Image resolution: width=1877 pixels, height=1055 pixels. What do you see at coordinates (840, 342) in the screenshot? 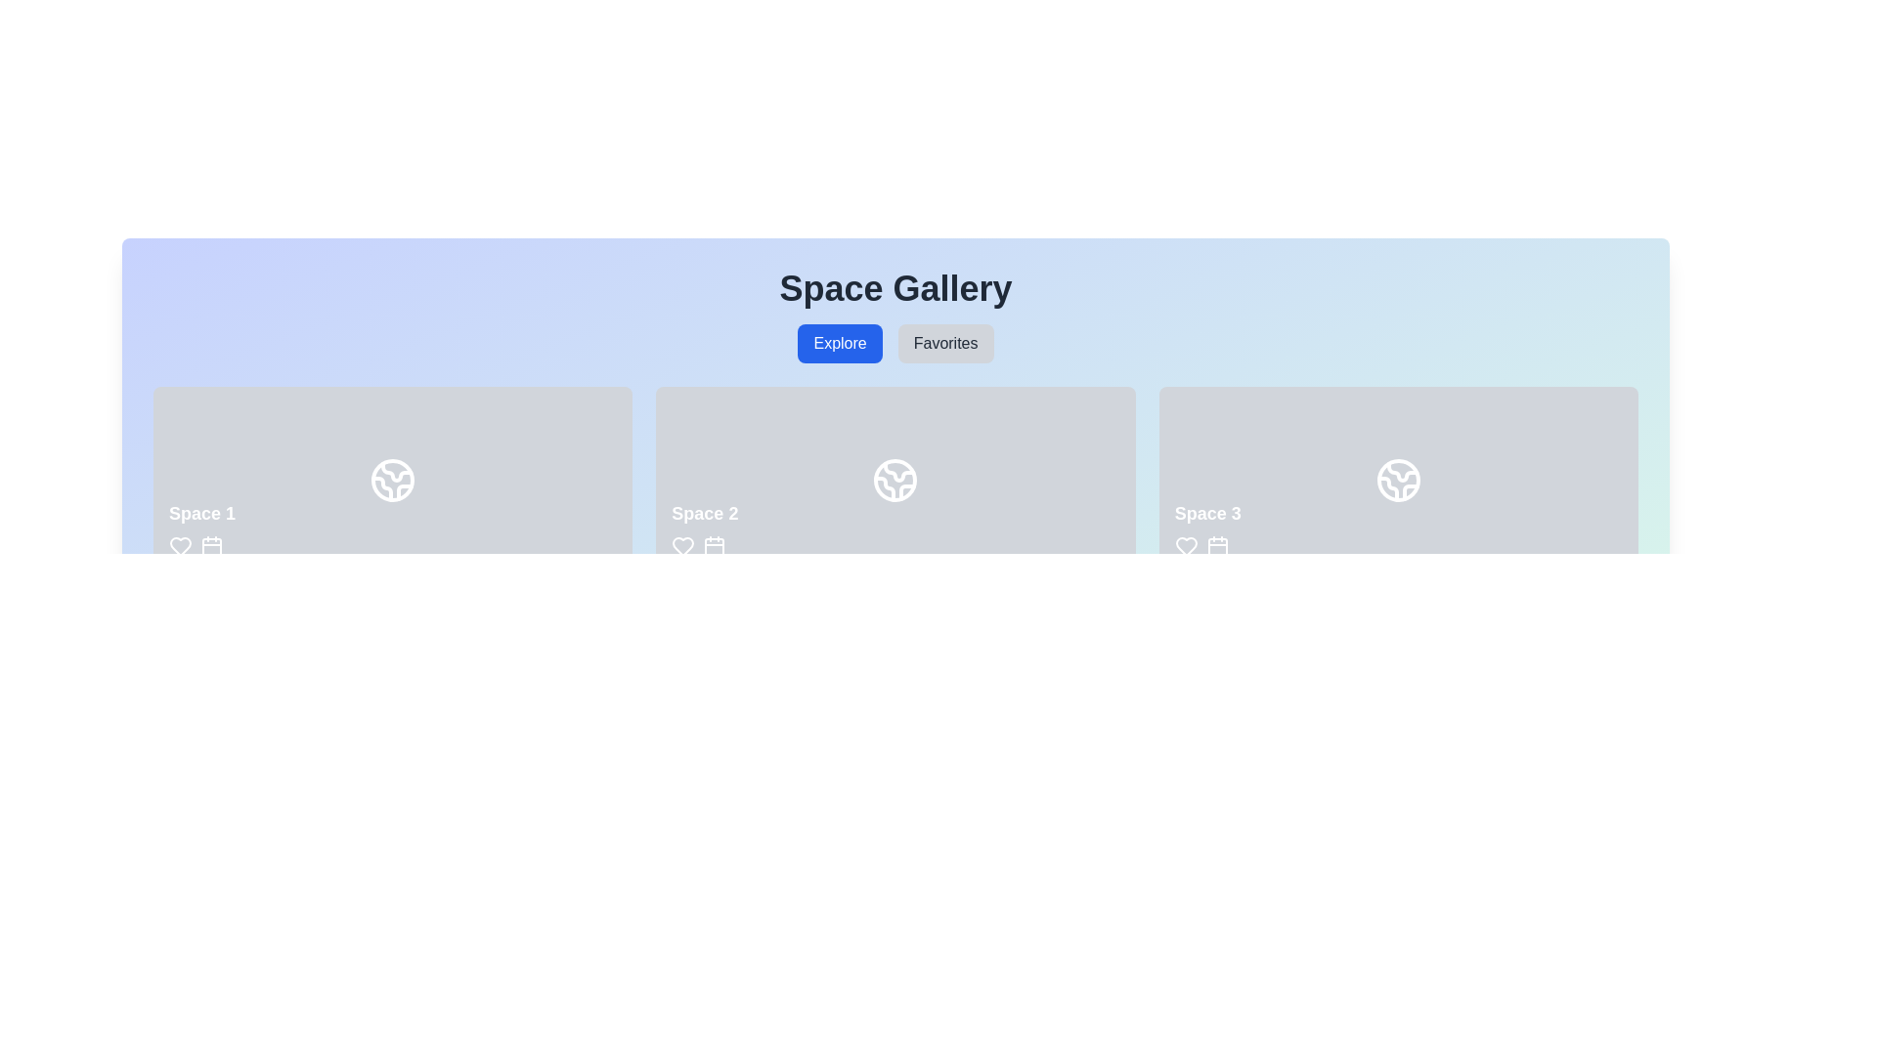
I see `the 'Explore' button located at the top of the interface, below the title 'Space Gallery', which is the first button in a row of two buttons` at bounding box center [840, 342].